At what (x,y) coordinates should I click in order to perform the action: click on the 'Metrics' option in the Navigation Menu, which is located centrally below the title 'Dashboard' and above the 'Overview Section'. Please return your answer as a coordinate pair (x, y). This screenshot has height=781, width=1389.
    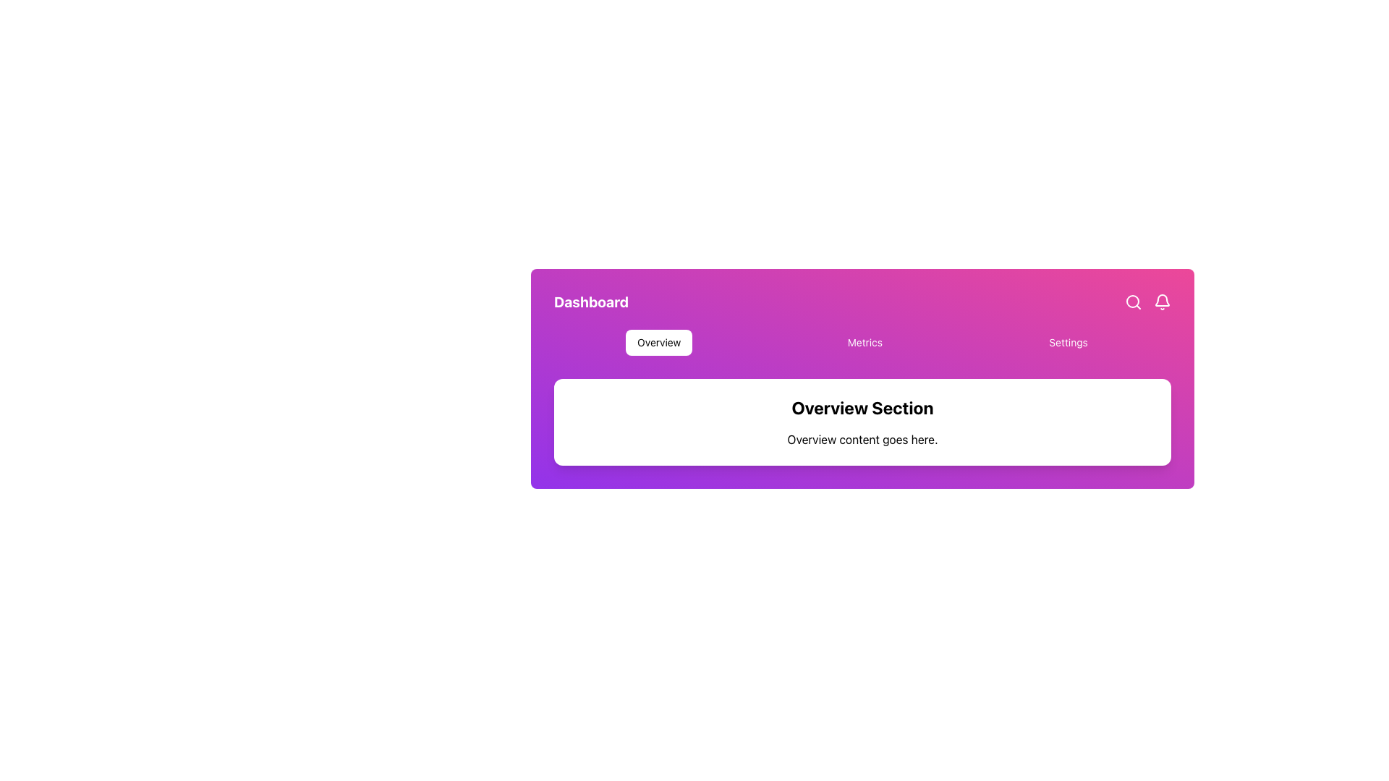
    Looking at the image, I should click on (862, 343).